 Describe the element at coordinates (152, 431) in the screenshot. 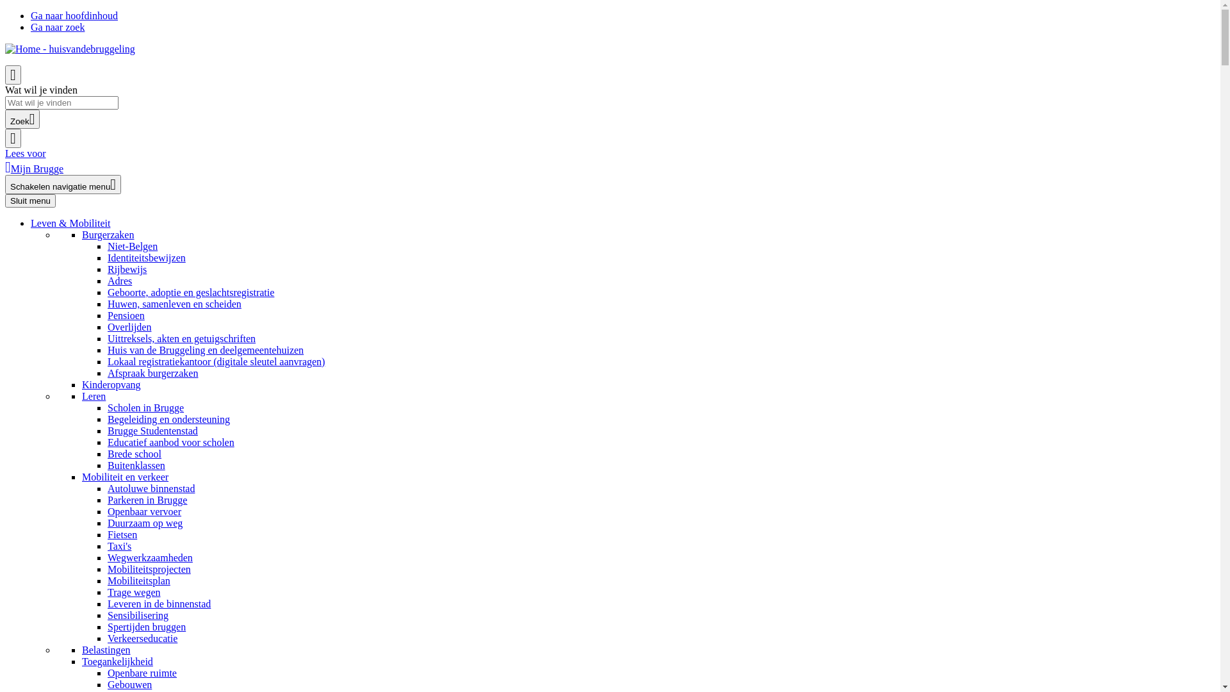

I see `'Brugge Studentenstad'` at that location.